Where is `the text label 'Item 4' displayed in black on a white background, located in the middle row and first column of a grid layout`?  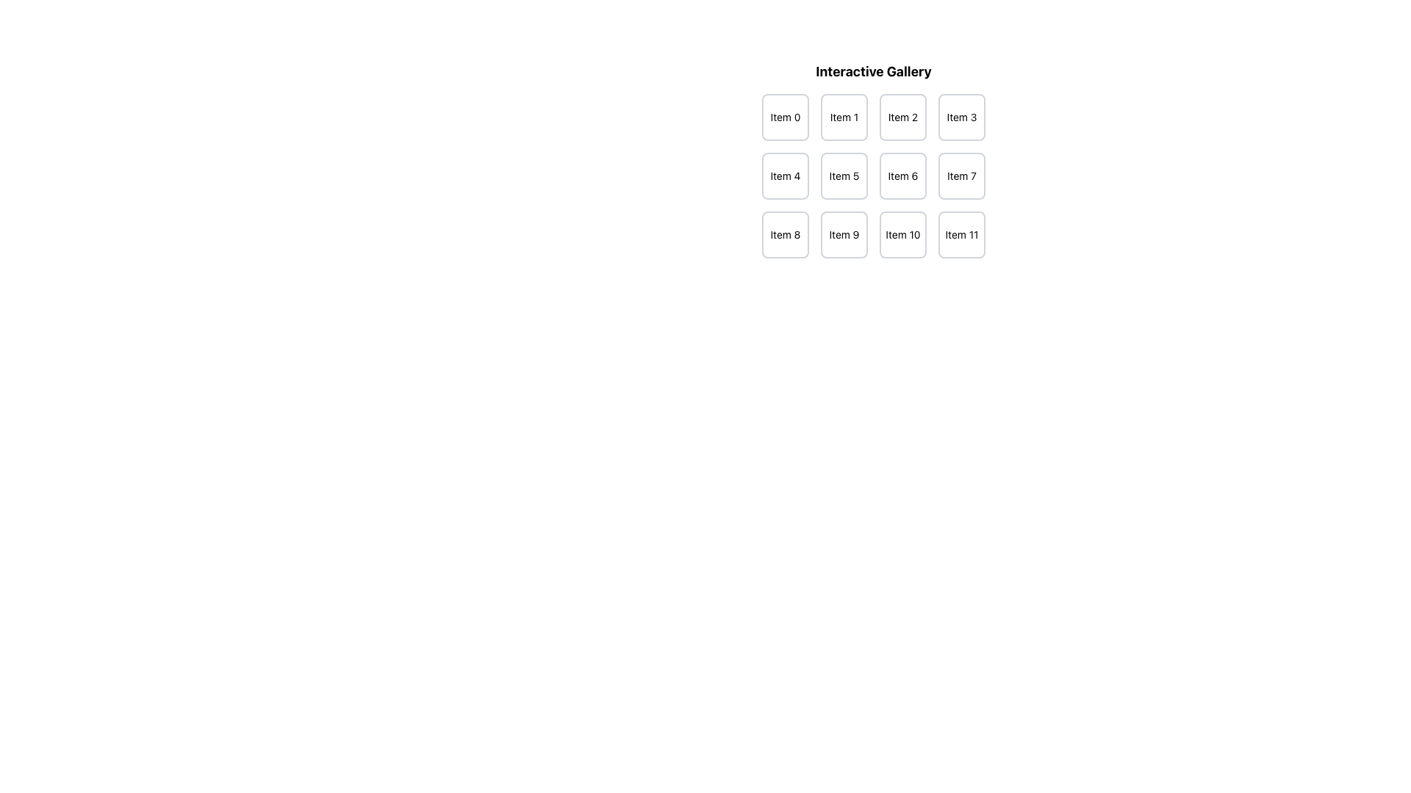 the text label 'Item 4' displayed in black on a white background, located in the middle row and first column of a grid layout is located at coordinates (785, 175).